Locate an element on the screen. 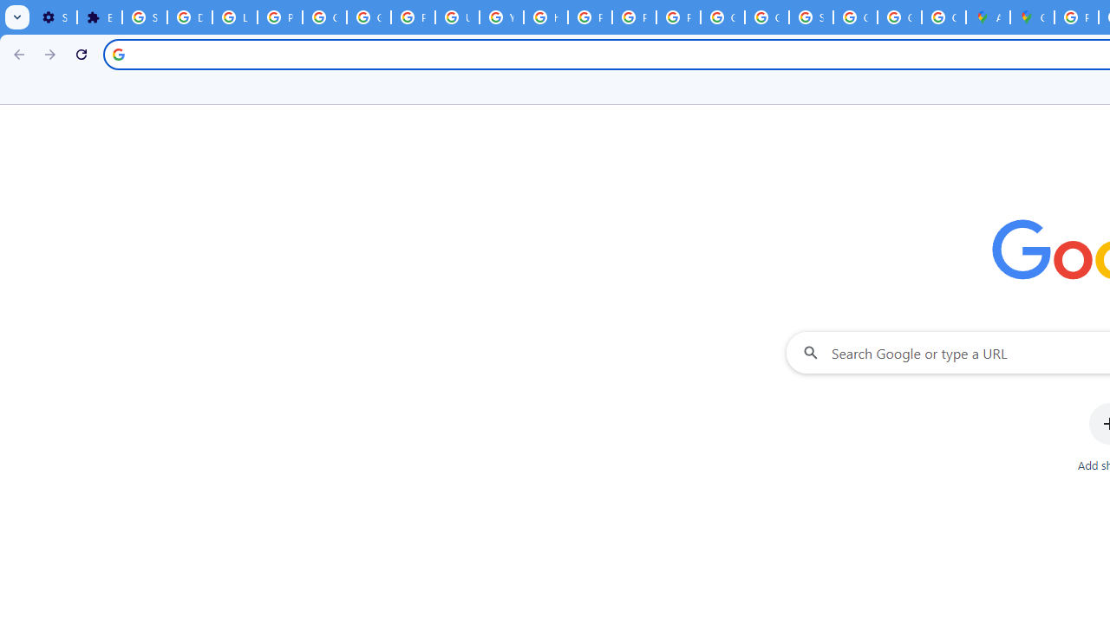 The image size is (1110, 624). 'Sign in - Google Accounts' is located at coordinates (145, 17).